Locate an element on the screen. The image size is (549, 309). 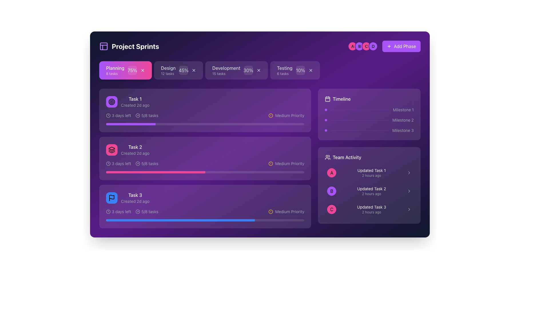
the text label indicating when the task update occurred, located in the 'Team Activity' section beneath 'Updated Task 1' is located at coordinates (371, 175).